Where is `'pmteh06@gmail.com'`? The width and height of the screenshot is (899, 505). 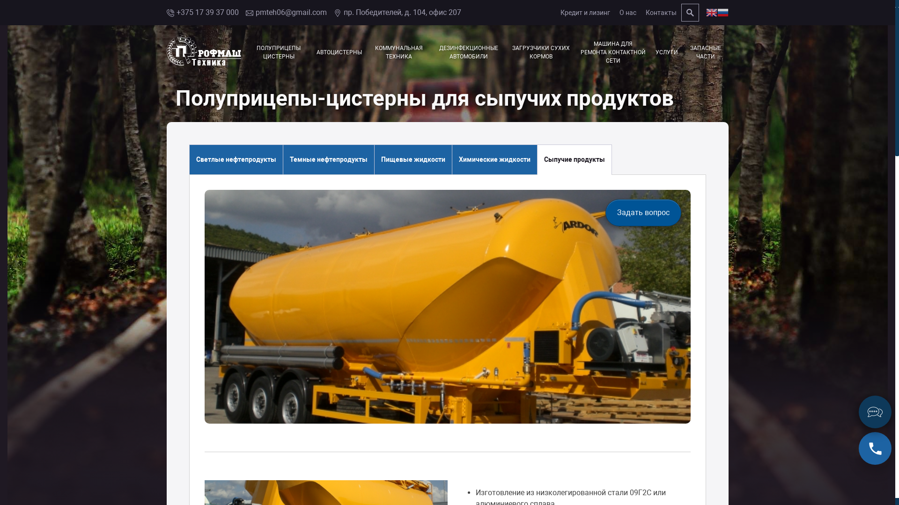
'pmteh06@gmail.com' is located at coordinates (286, 13).